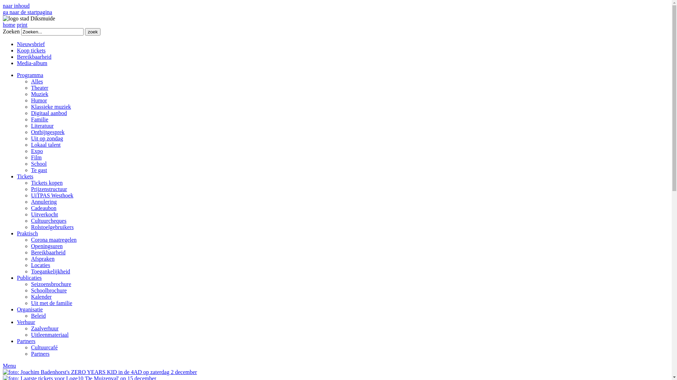 Image resolution: width=677 pixels, height=380 pixels. What do you see at coordinates (48, 252) in the screenshot?
I see `'Bereikbaarheid'` at bounding box center [48, 252].